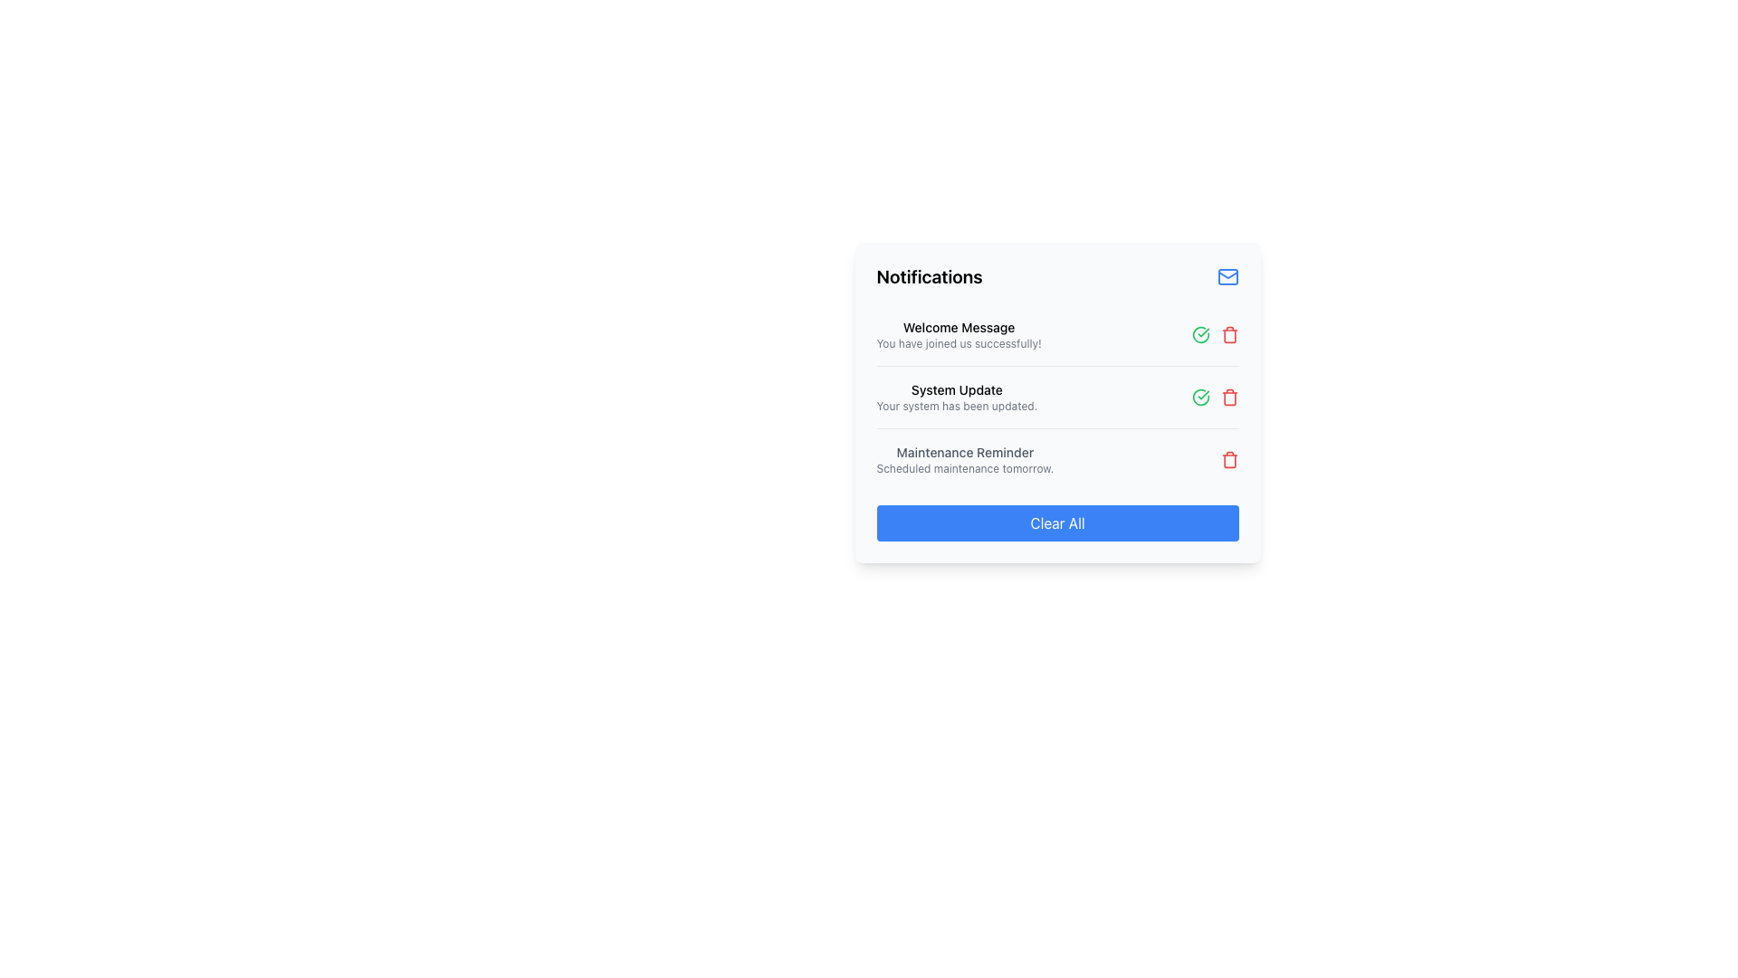  I want to click on the textual label indicating successful joining, located at the top of the vertical notification list beneath the title 'Notifications', so click(958, 335).